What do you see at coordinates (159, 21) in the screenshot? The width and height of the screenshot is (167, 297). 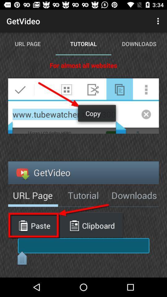 I see `item next to the tutorial item` at bounding box center [159, 21].